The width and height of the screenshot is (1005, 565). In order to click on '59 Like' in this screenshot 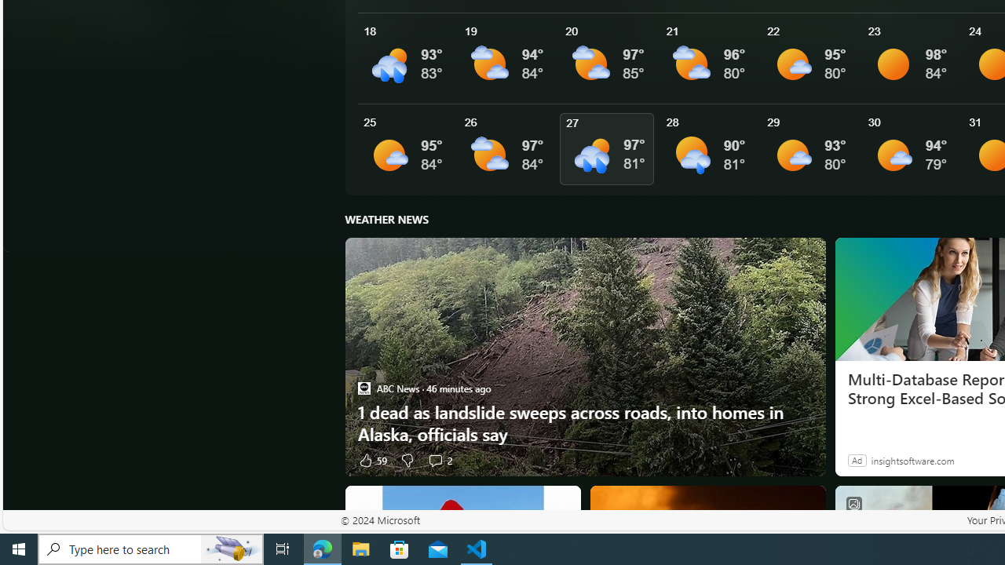, I will do `click(371, 459)`.